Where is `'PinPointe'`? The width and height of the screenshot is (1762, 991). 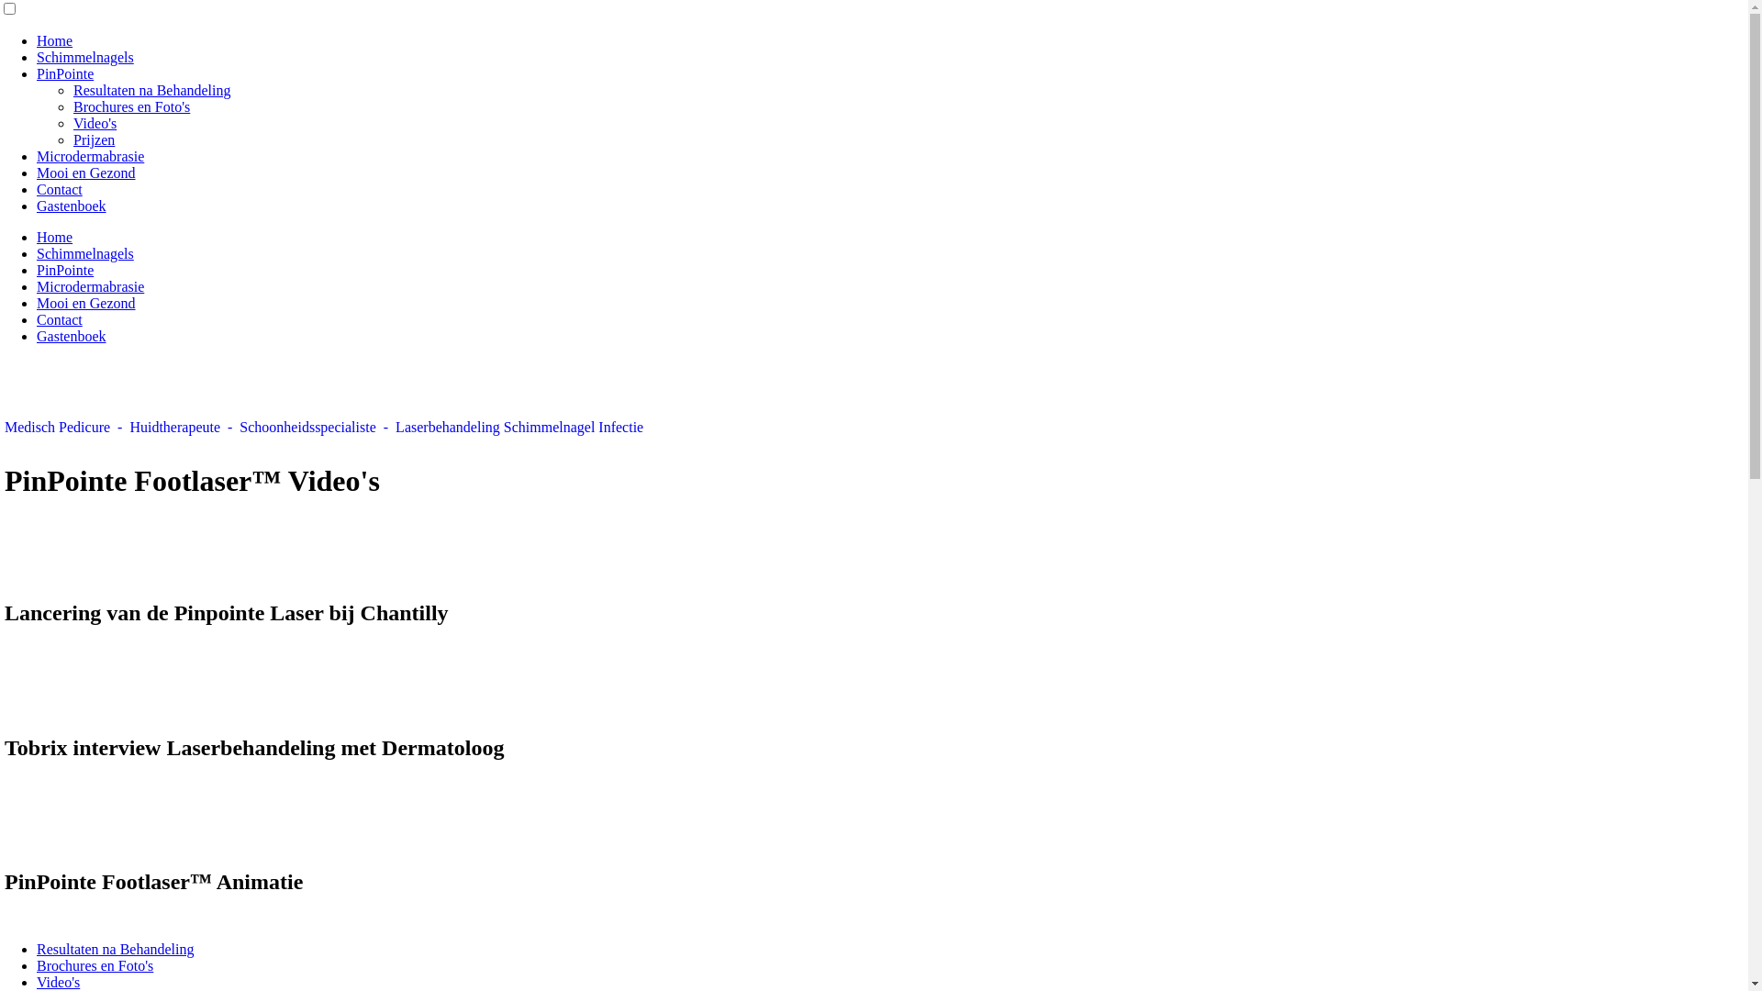
'PinPointe' is located at coordinates (65, 270).